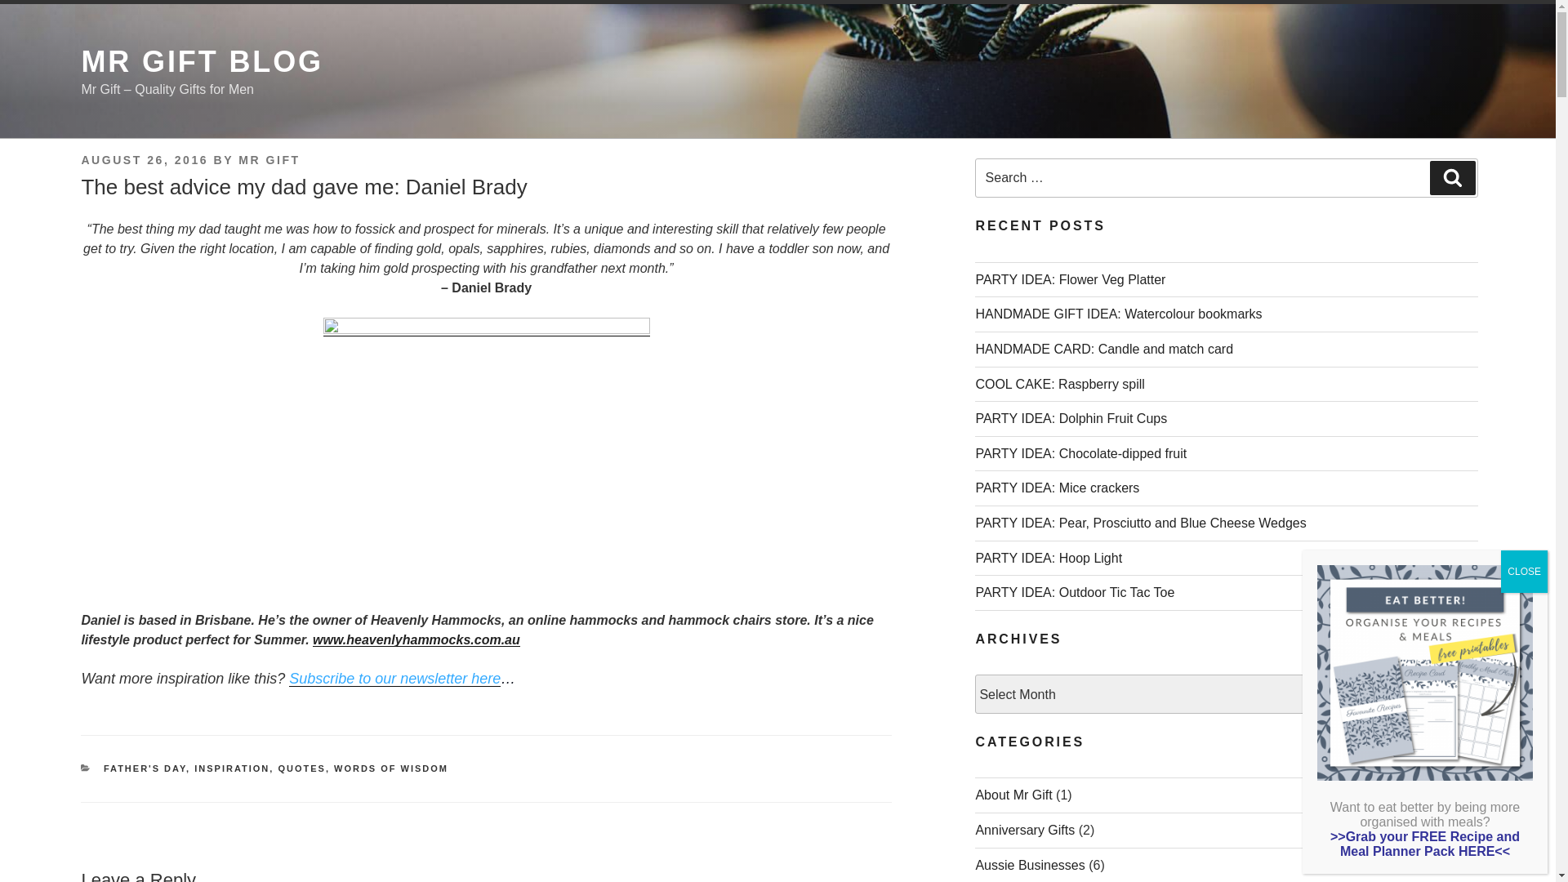 The height and width of the screenshot is (882, 1568). What do you see at coordinates (1059, 384) in the screenshot?
I see `'COOL CAKE: Raspberry spill'` at bounding box center [1059, 384].